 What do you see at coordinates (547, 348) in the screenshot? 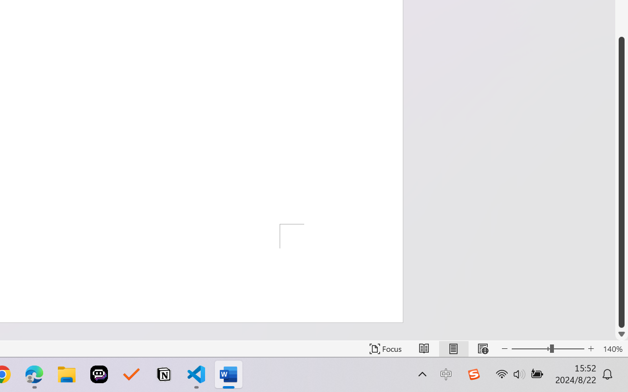
I see `'Zoom'` at bounding box center [547, 348].